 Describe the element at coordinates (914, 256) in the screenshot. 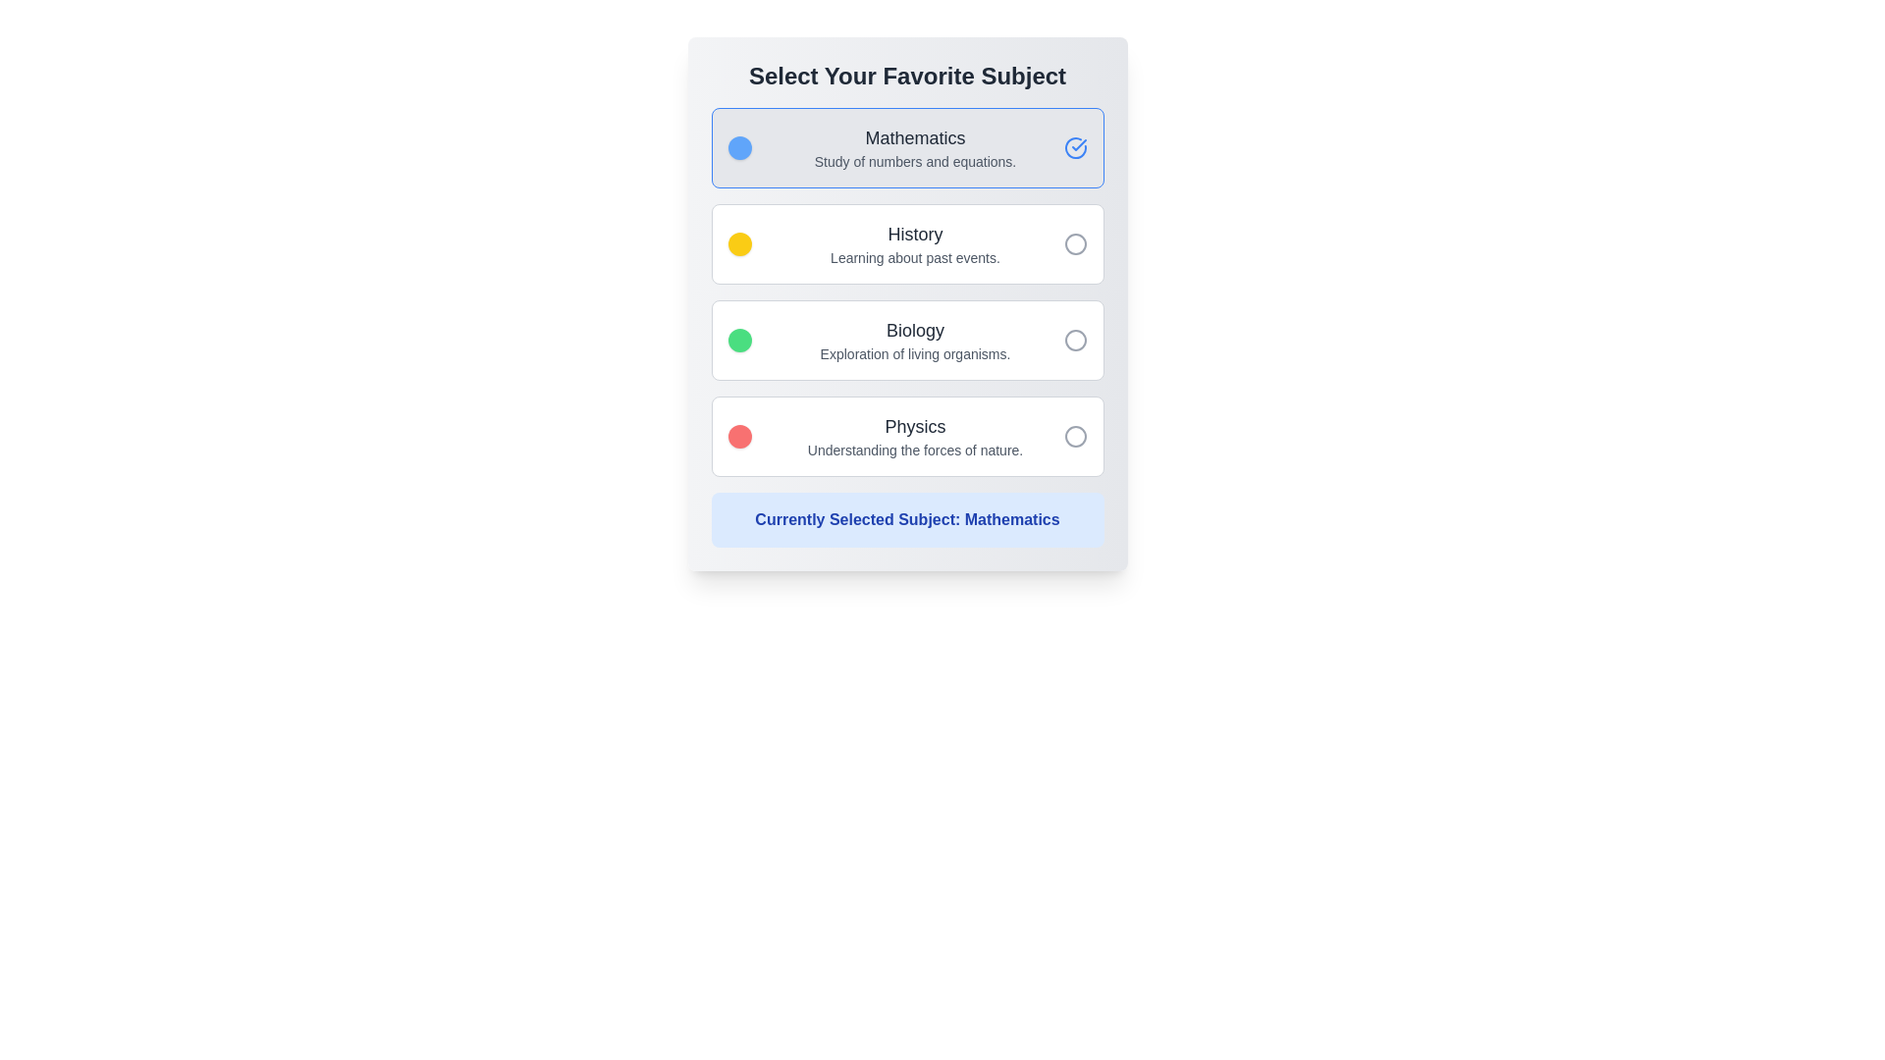

I see `the explanatory text located directly below the 'History' heading in the second section of the vertically stacked list` at that location.